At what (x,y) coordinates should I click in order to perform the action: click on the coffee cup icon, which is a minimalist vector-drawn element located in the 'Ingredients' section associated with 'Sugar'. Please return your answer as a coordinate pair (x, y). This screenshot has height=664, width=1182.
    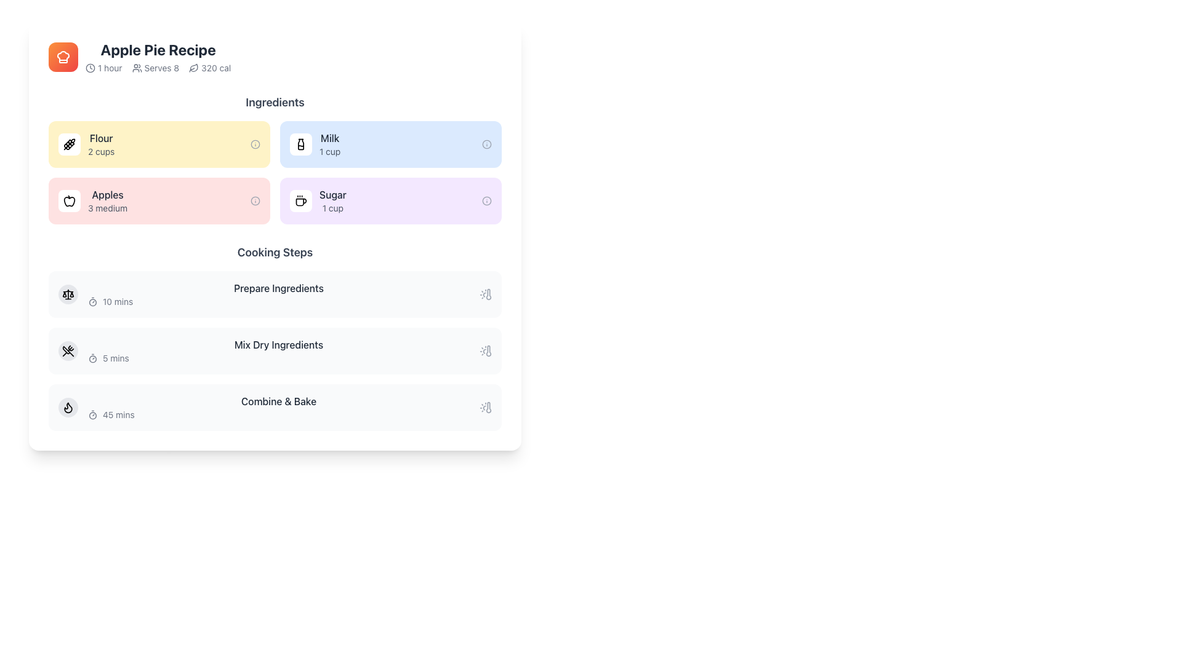
    Looking at the image, I should click on (301, 200).